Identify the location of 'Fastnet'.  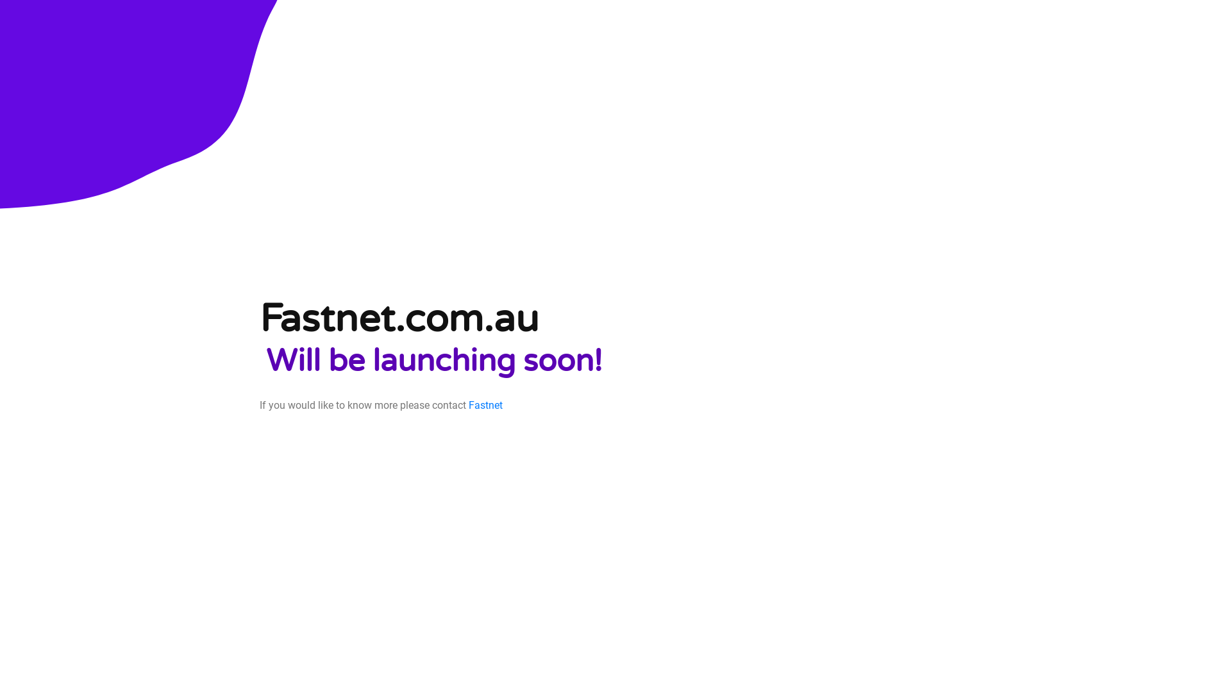
(485, 405).